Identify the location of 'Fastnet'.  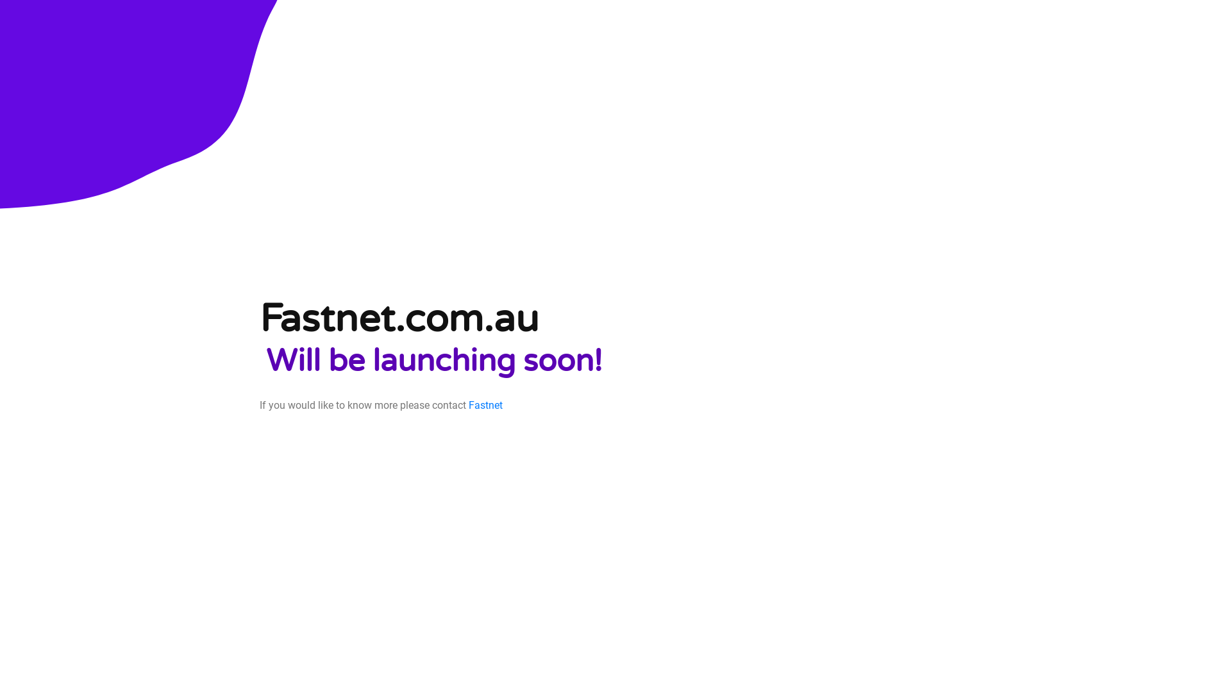
(485, 405).